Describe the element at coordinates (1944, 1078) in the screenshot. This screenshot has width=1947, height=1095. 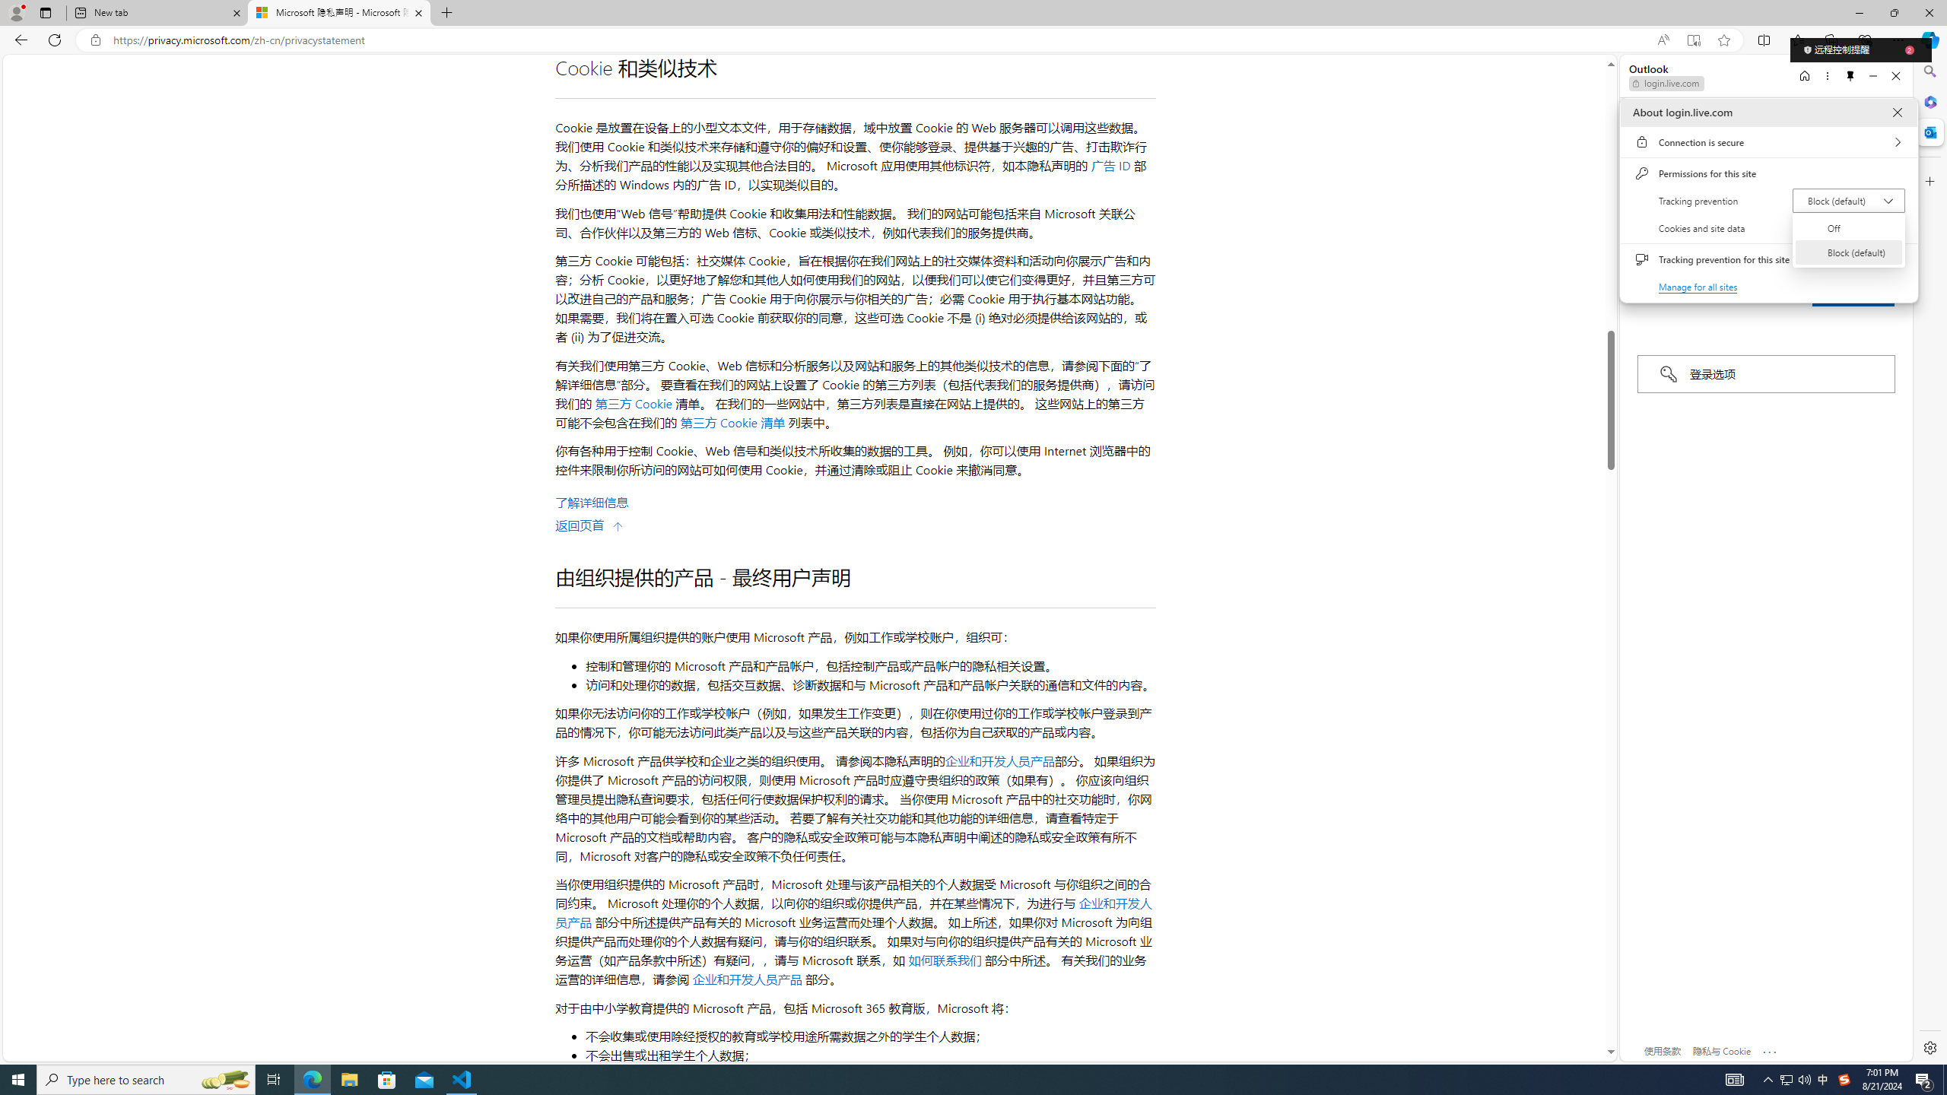
I see `'Show desktop'` at that location.